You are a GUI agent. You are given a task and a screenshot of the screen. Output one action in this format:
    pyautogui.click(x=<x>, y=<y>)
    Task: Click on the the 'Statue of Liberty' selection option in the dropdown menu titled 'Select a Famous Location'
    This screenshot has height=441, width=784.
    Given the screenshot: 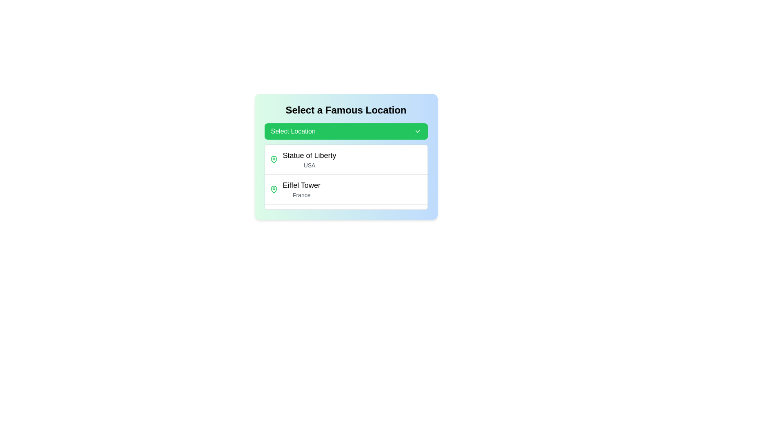 What is the action you would take?
    pyautogui.click(x=303, y=159)
    